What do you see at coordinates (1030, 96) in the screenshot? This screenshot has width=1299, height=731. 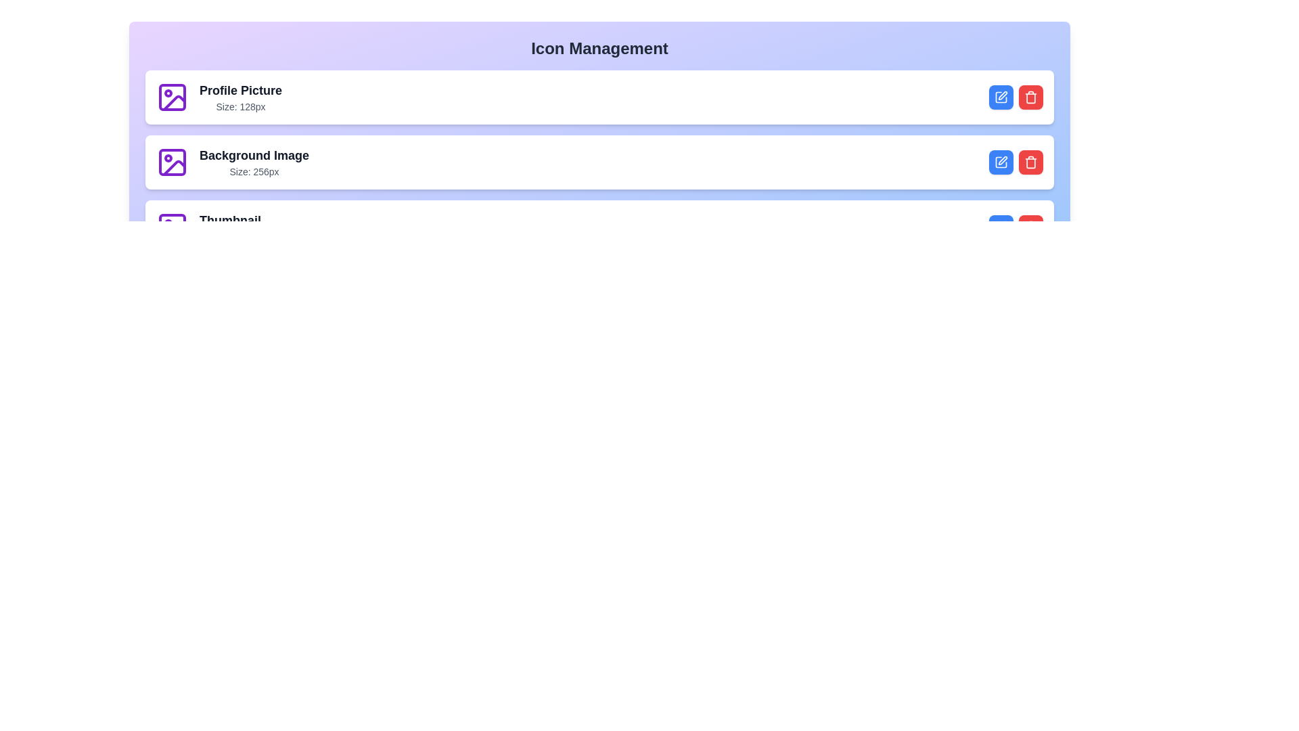 I see `the delete icon button located at the far-right of the second row of listed items to initiate a delete action for the 'Background Image' entry` at bounding box center [1030, 96].